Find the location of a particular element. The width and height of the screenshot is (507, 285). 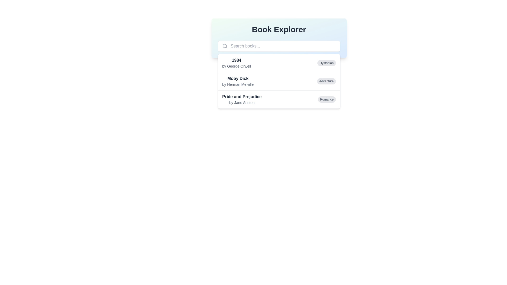

the 'Romance' genre tag associated with the 'Pride and Prejudice by Jane Austen' book entry, located on the right side of the text in the third row is located at coordinates (326, 99).